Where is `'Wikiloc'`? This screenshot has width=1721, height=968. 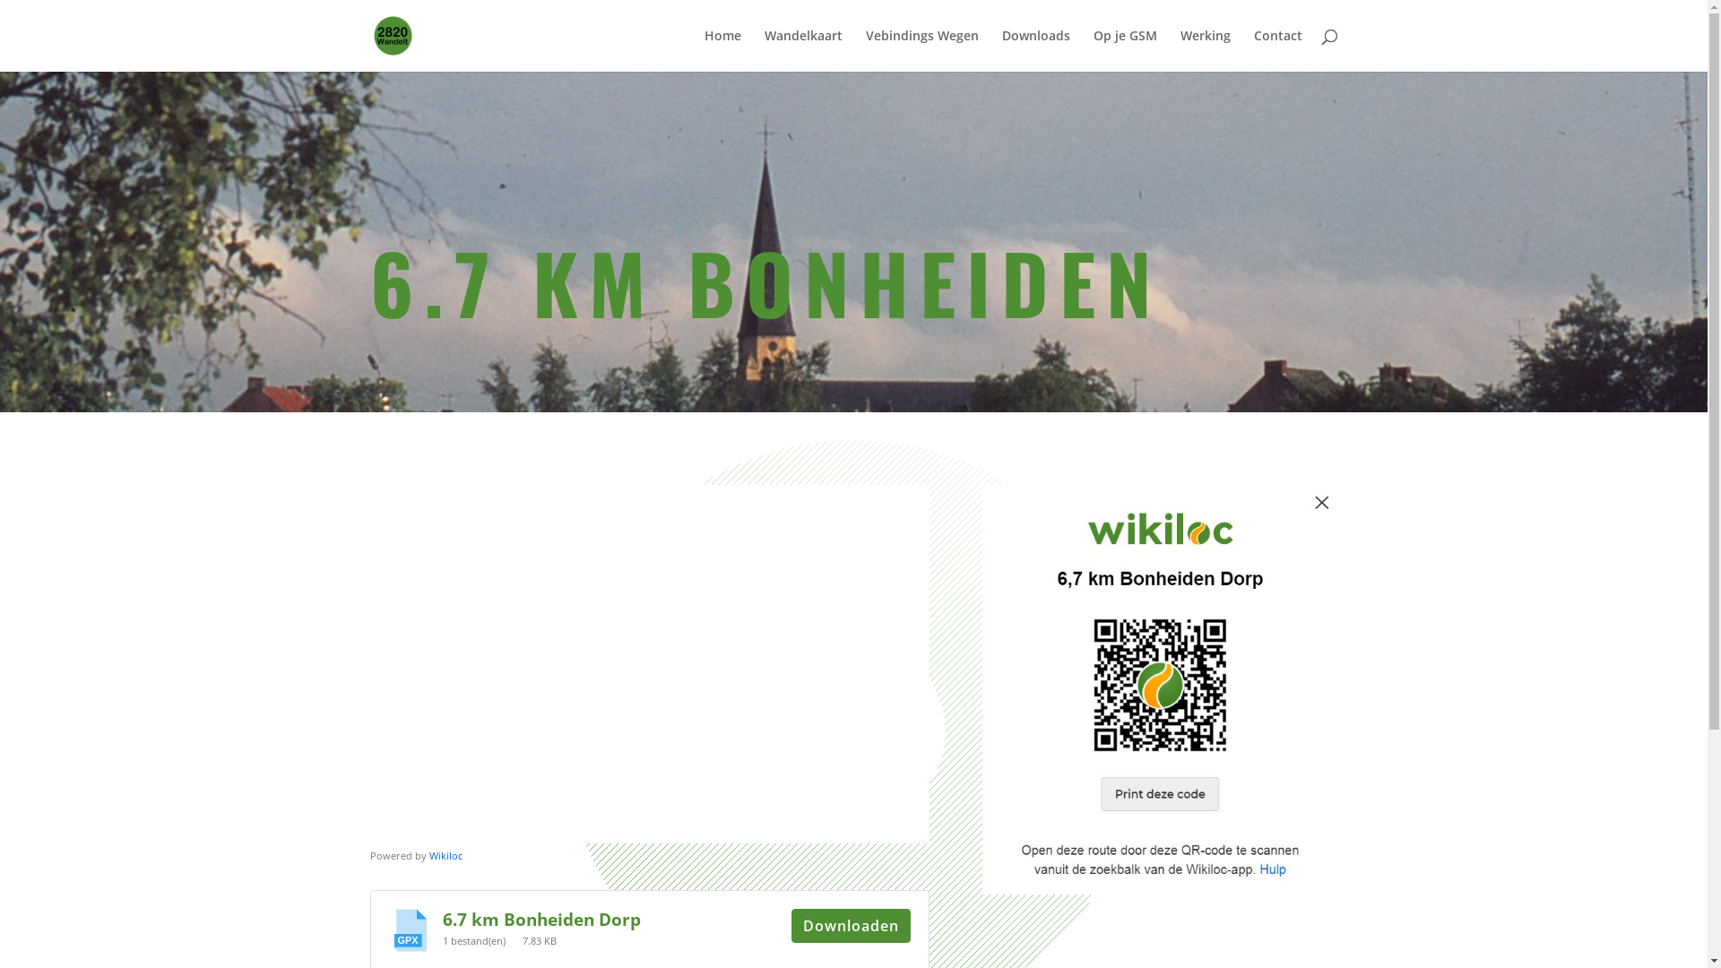 'Wikiloc' is located at coordinates (445, 854).